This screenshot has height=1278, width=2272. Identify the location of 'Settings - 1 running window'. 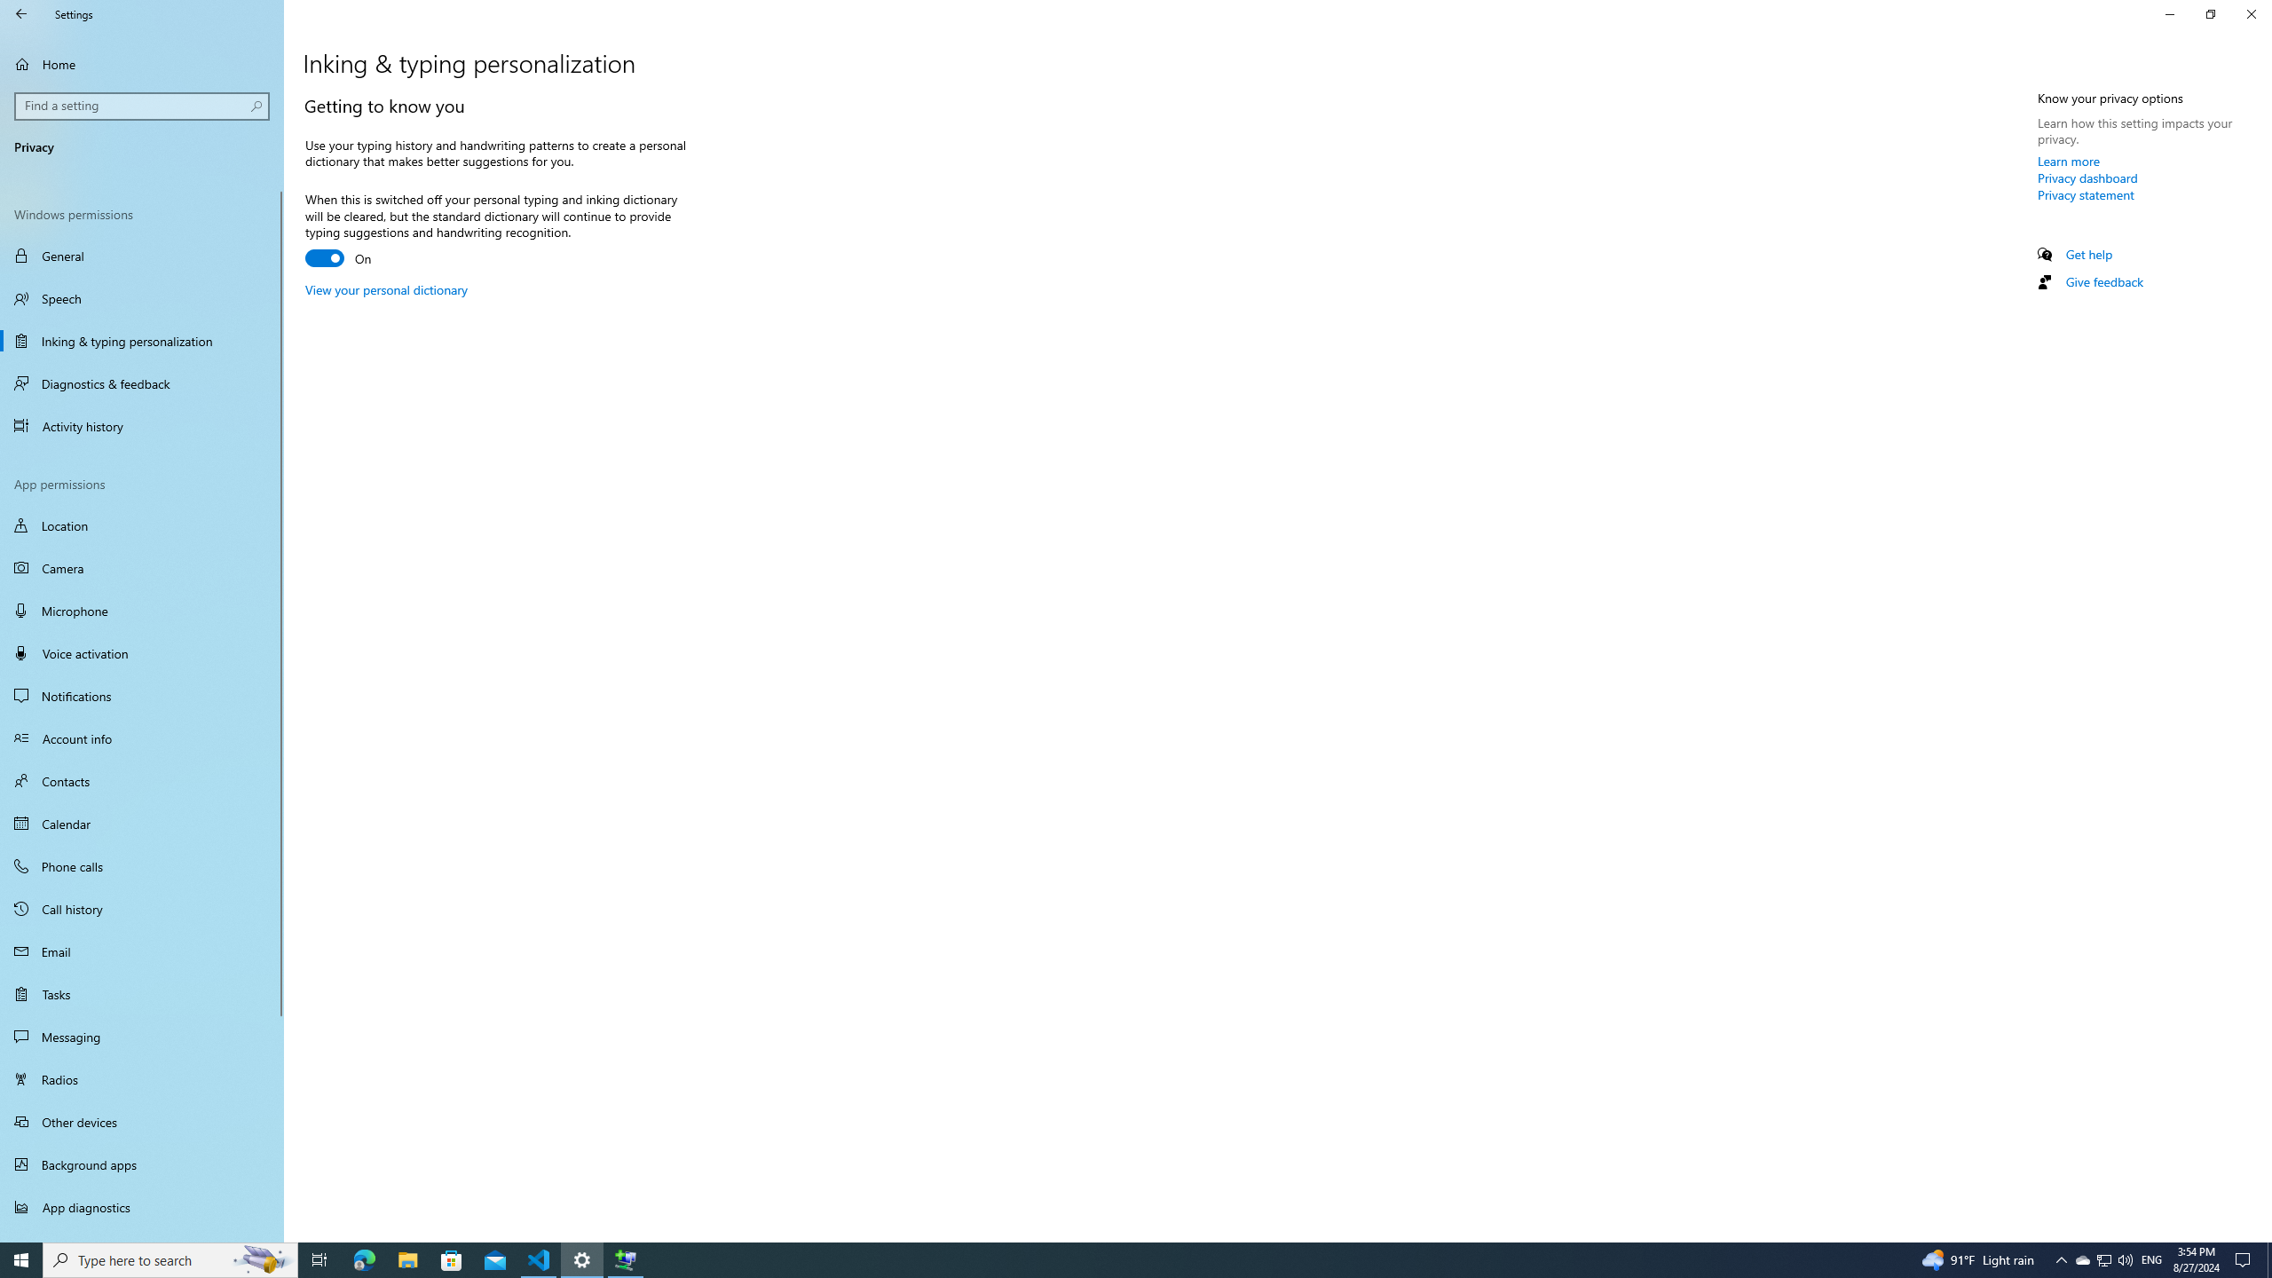
(582, 1258).